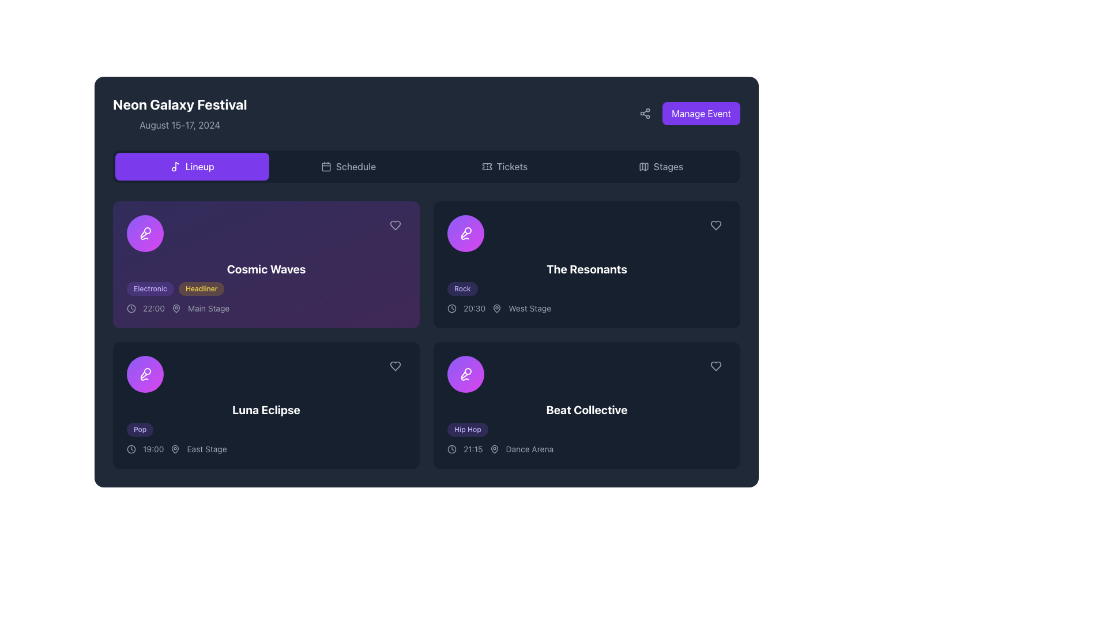 The width and height of the screenshot is (1107, 623). I want to click on the Icon button located in the top-right section of the second event card, adjacent to 'The Resonants' text, so click(465, 234).